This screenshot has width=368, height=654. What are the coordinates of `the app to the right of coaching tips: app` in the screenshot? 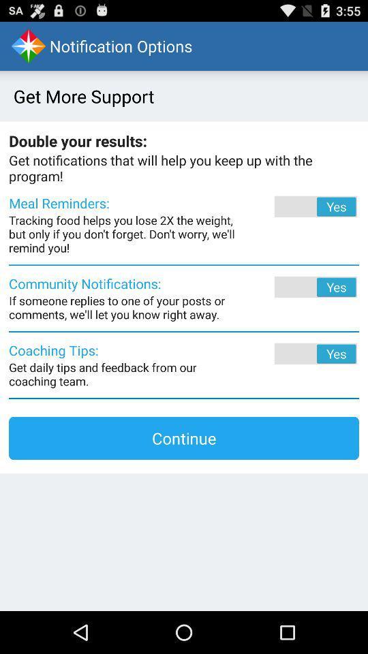 It's located at (296, 353).